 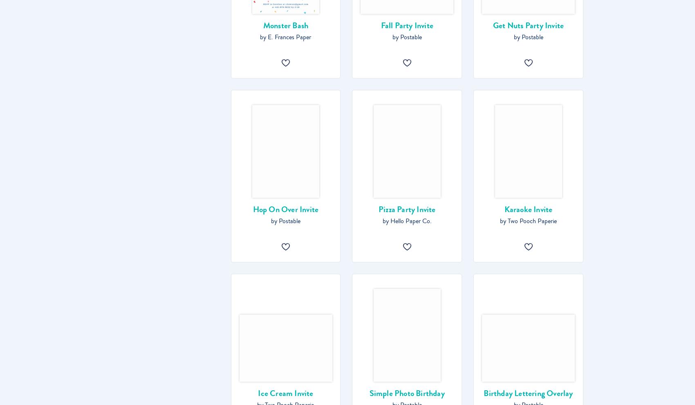 What do you see at coordinates (289, 37) in the screenshot?
I see `'E. Frances Paper'` at bounding box center [289, 37].